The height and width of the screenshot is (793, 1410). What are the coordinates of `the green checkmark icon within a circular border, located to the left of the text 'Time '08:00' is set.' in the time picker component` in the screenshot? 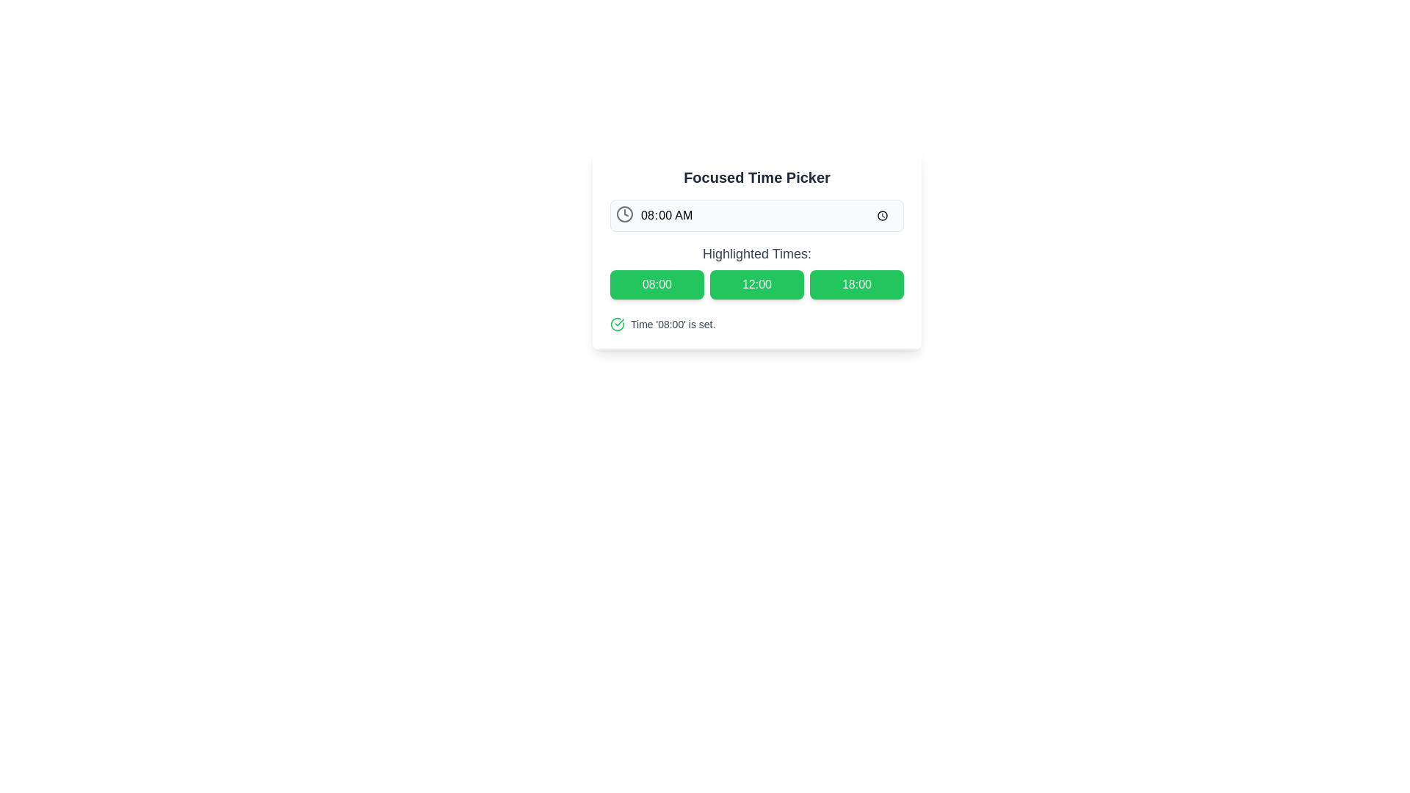 It's located at (617, 324).